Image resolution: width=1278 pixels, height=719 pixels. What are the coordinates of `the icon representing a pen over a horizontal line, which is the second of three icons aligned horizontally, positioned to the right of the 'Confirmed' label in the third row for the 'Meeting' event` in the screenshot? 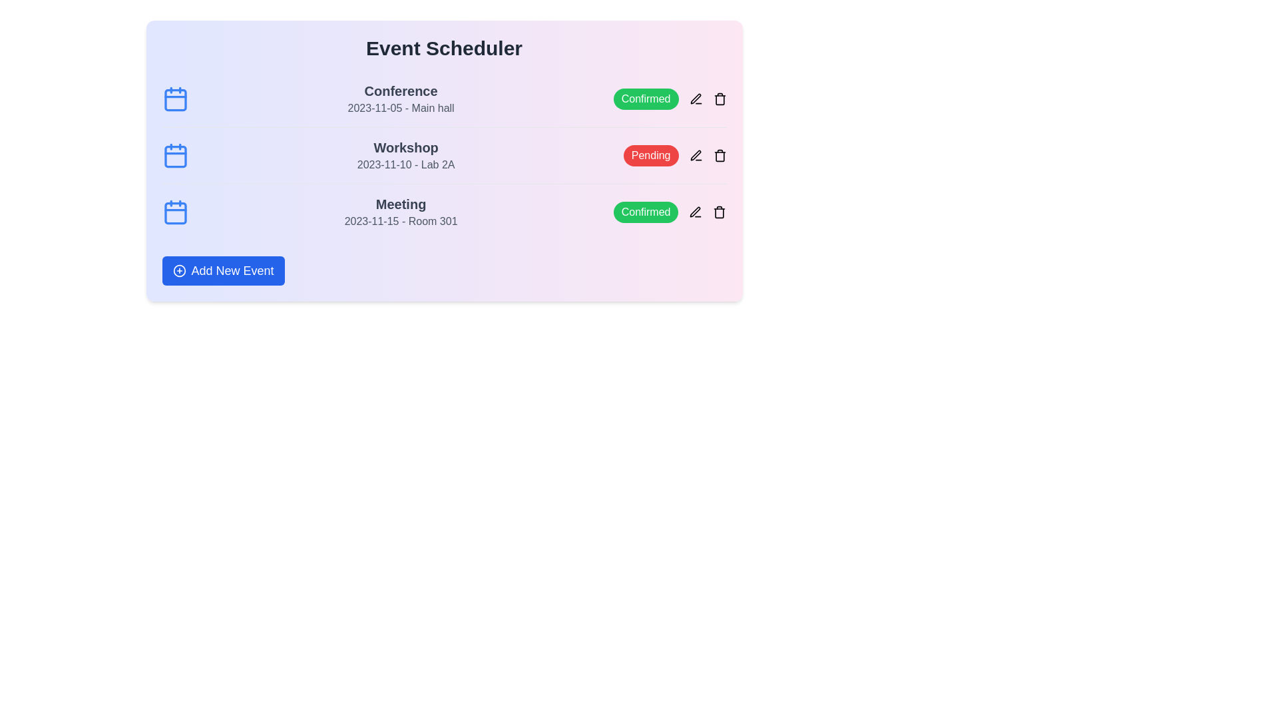 It's located at (695, 212).